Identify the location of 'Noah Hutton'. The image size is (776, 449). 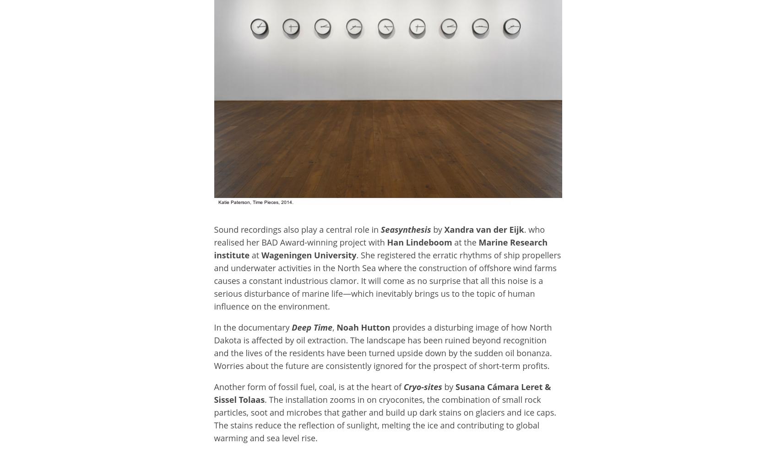
(363, 326).